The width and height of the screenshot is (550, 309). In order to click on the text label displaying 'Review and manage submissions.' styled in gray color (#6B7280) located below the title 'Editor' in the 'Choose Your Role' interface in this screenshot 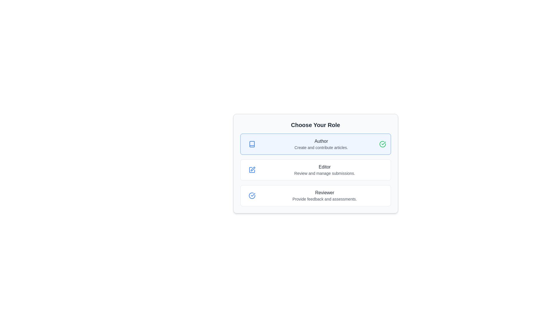, I will do `click(325, 173)`.